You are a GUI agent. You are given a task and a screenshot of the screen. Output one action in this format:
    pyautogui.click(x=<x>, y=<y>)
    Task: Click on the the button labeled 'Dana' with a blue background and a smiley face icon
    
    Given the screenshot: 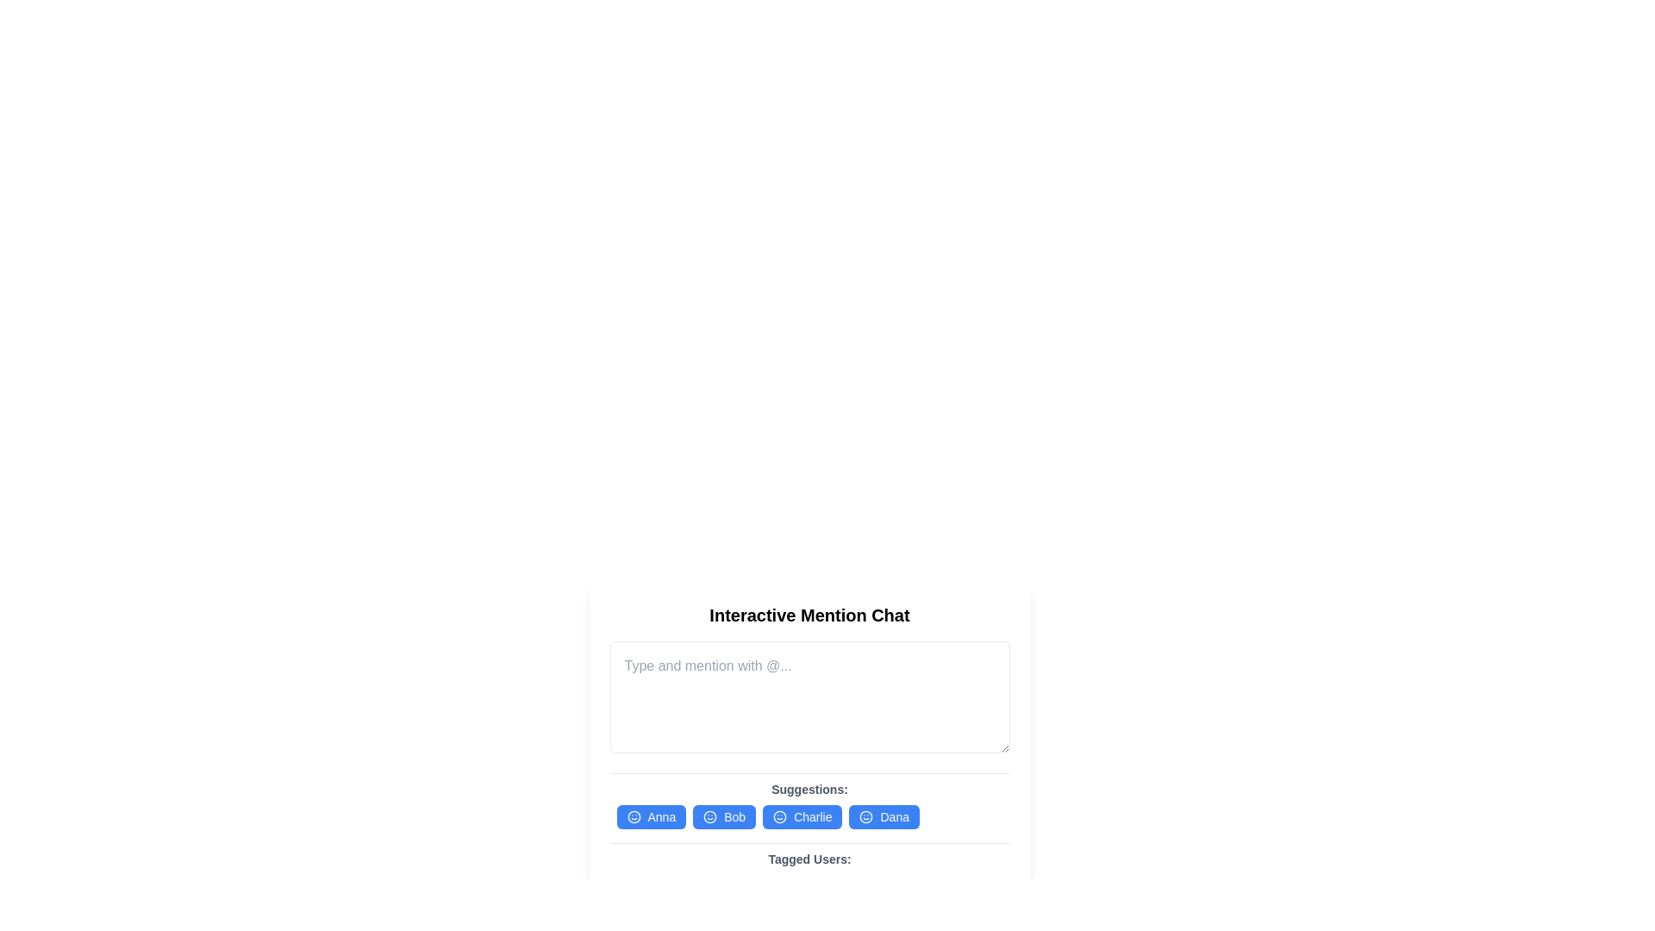 What is the action you would take?
    pyautogui.click(x=884, y=816)
    